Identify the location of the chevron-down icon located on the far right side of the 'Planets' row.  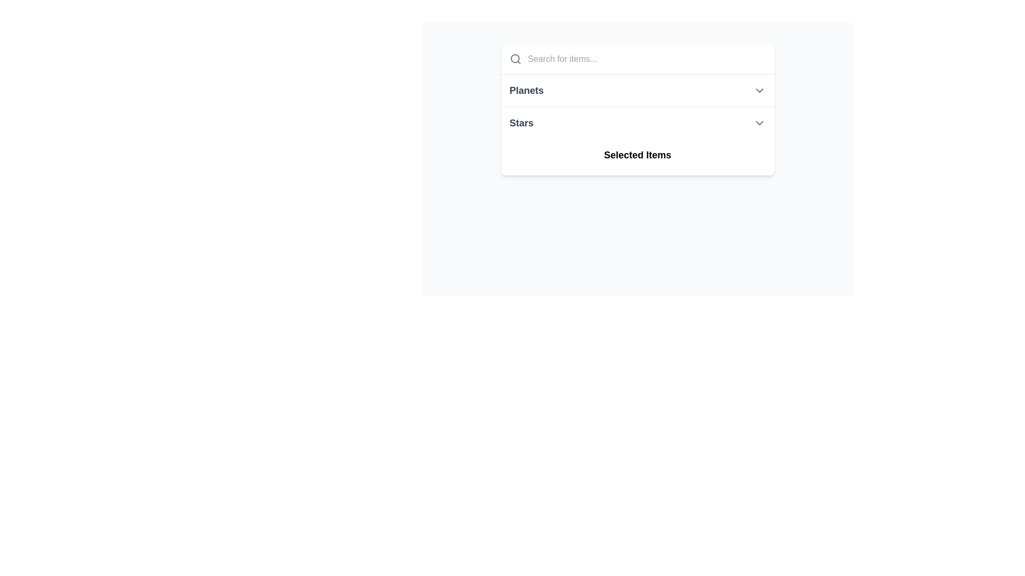
(759, 90).